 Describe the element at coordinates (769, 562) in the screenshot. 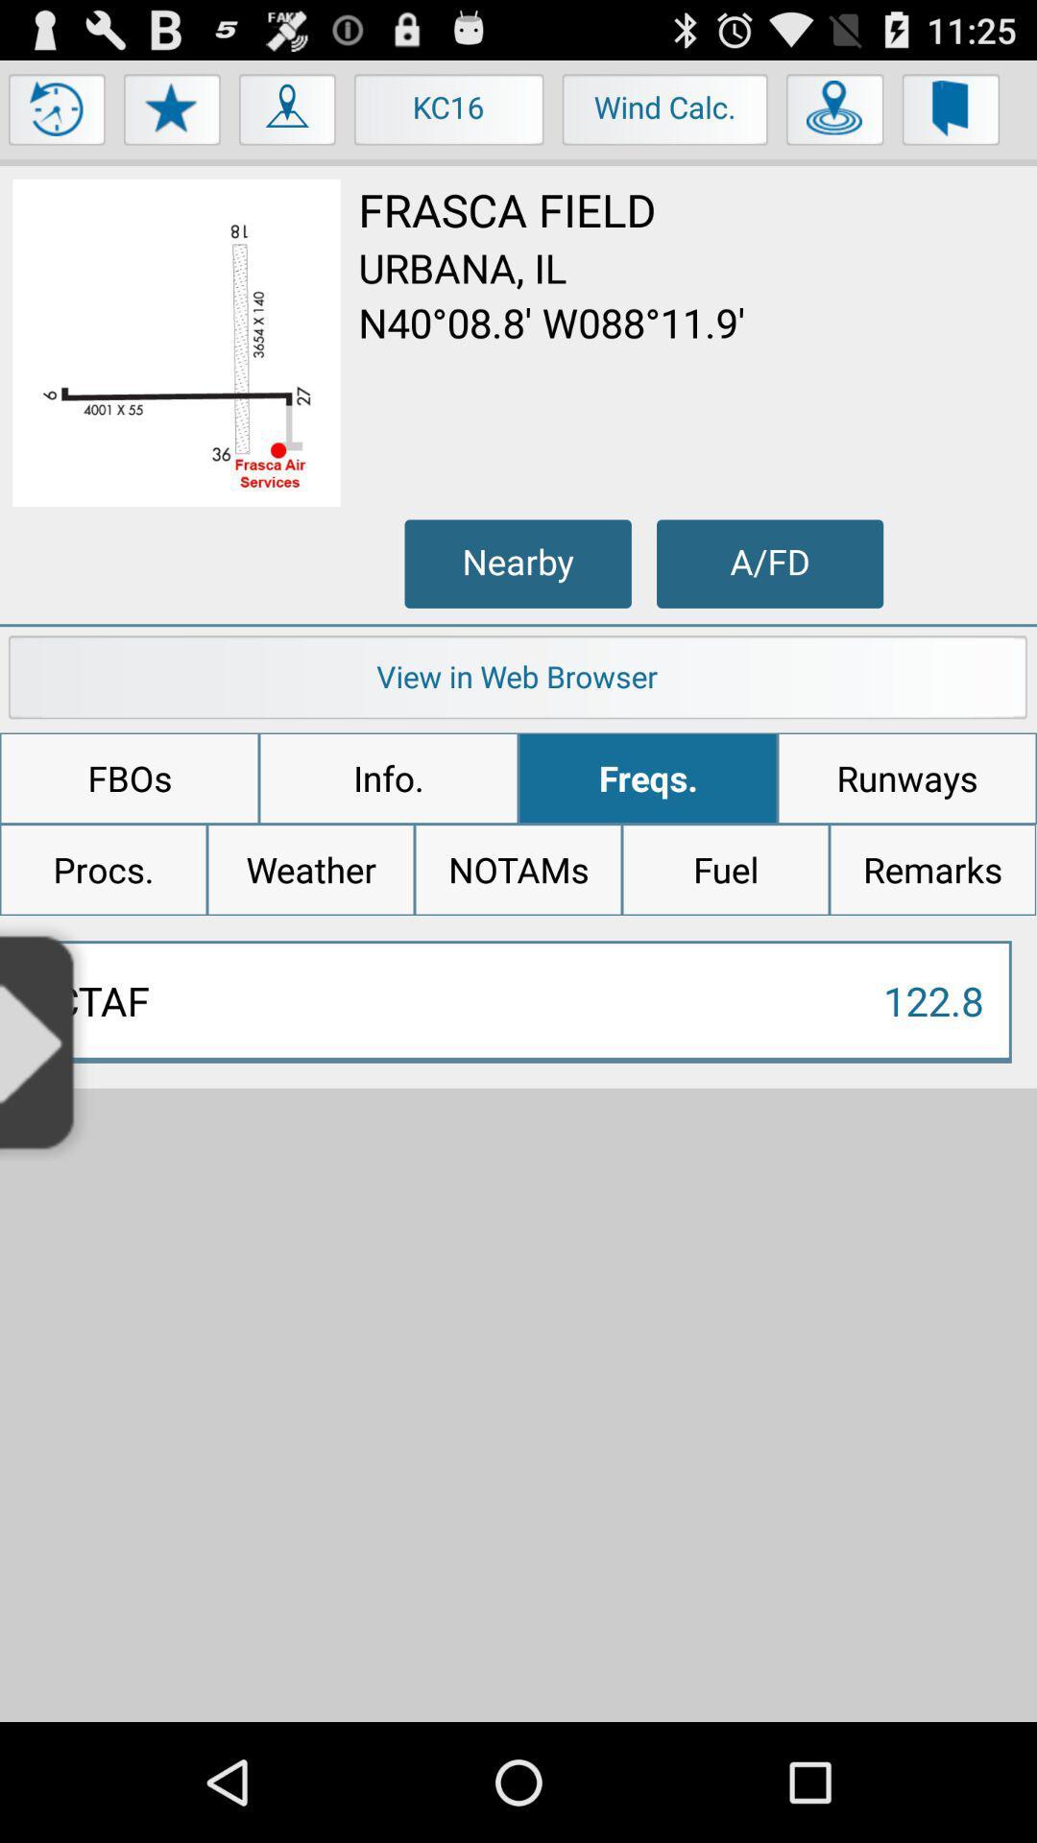

I see `the app below n40 08 8 icon` at that location.